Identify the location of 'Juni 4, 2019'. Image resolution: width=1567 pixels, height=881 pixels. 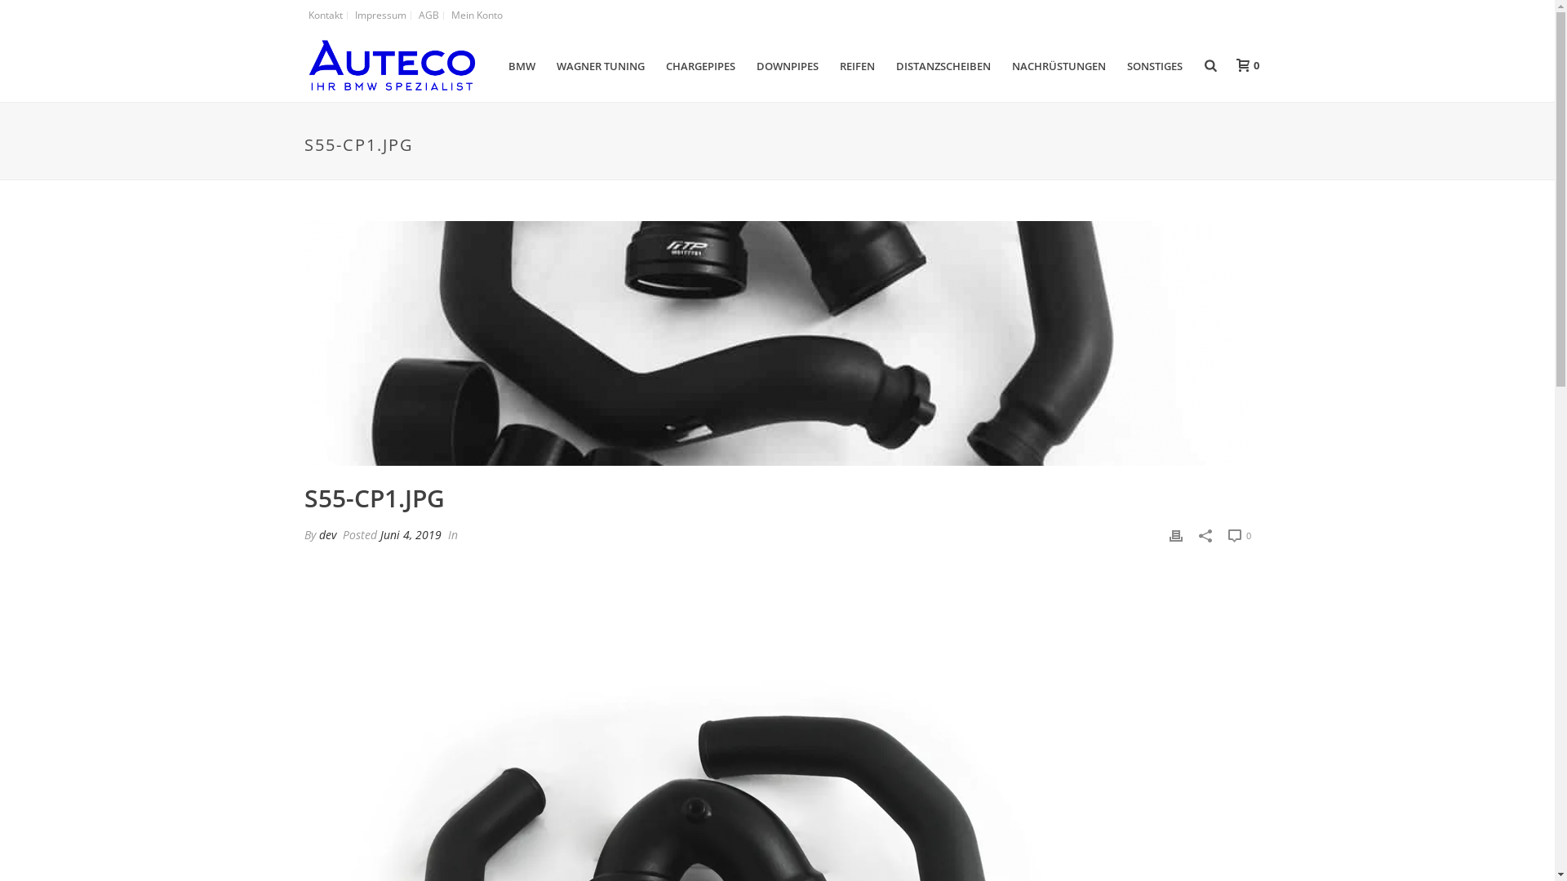
(379, 534).